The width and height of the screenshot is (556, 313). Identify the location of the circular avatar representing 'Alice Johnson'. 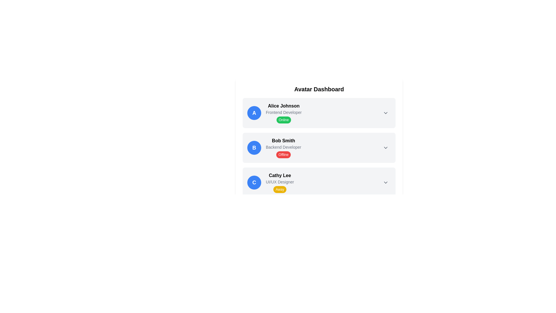
(254, 113).